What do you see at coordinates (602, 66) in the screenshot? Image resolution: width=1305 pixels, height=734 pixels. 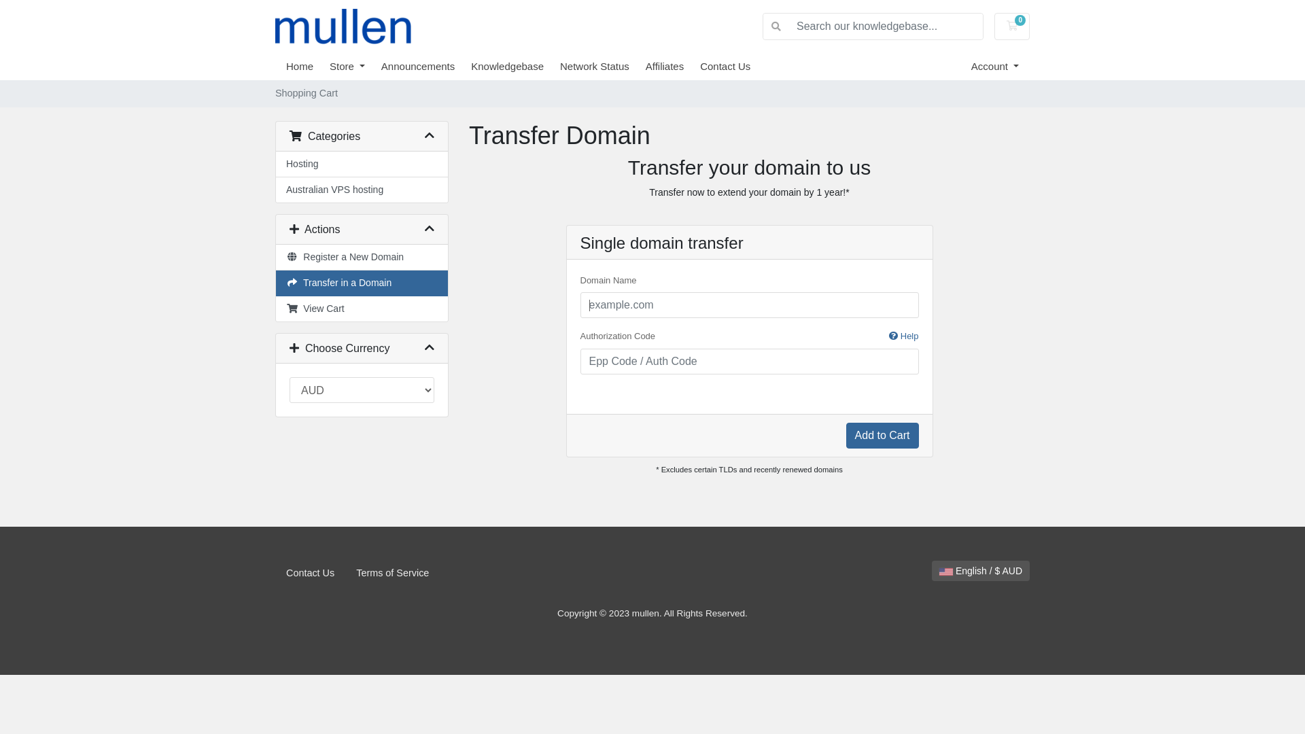 I see `'Network Status'` at bounding box center [602, 66].